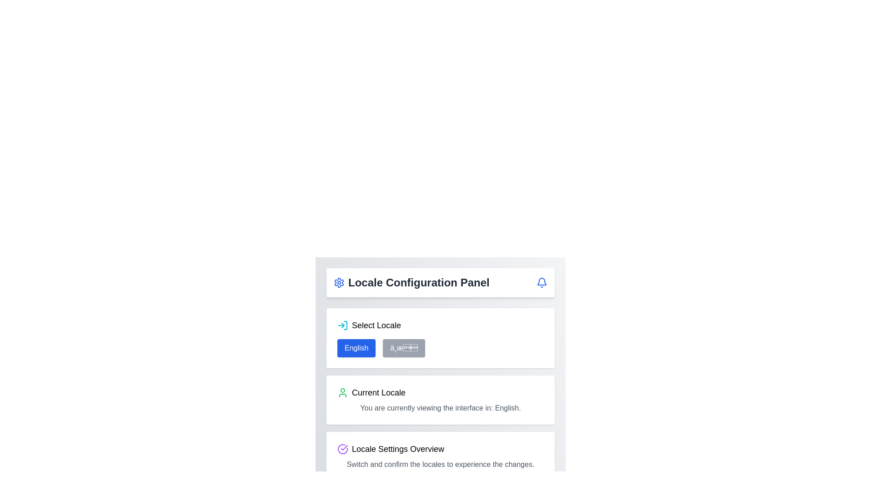 The image size is (873, 491). I want to click on the 'English' button, which has rounded edges, a shadow effect, and a blue background, so click(356, 348).